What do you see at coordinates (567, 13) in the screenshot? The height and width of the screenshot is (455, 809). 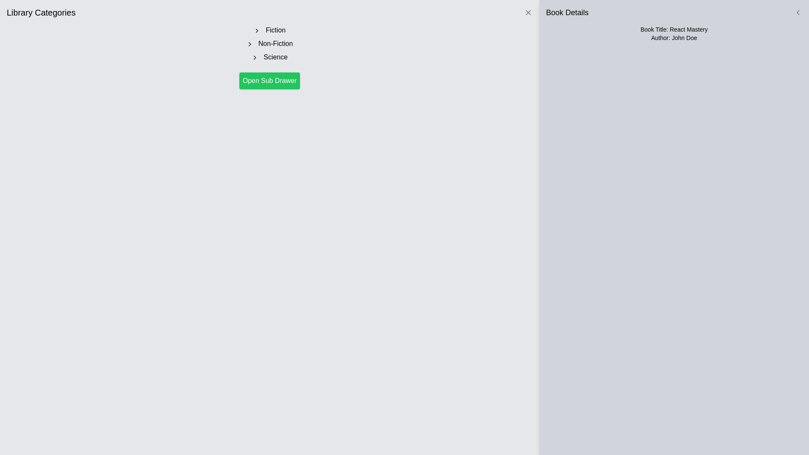 I see `the 'Book Details' text header, which is styled in bold black font on a light gray background, located in the top-right section of the interface` at bounding box center [567, 13].